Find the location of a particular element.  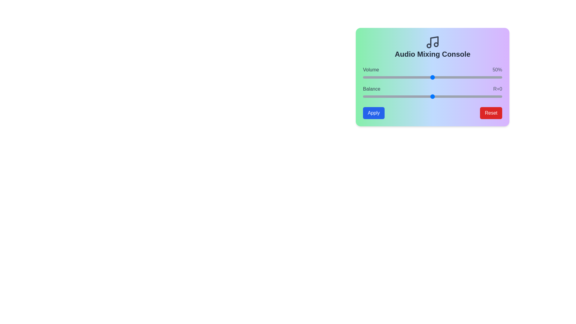

the Decorative Icon resembling a musical note, which is prominently displayed at the top-center of the colorful rectangular panel above the 'Audio Mixing Console' text is located at coordinates (432, 42).